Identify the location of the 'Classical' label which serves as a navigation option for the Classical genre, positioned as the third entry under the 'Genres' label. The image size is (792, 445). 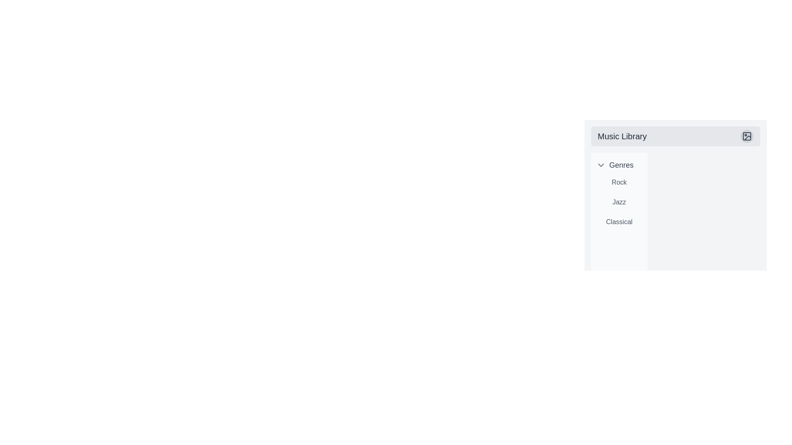
(619, 222).